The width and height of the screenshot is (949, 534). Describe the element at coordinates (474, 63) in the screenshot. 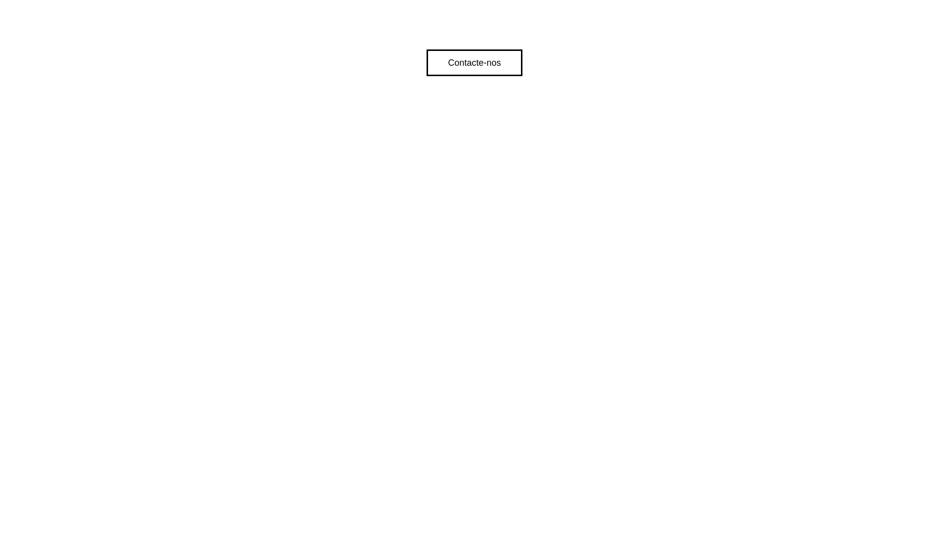

I see `'Contacte-nos'` at that location.